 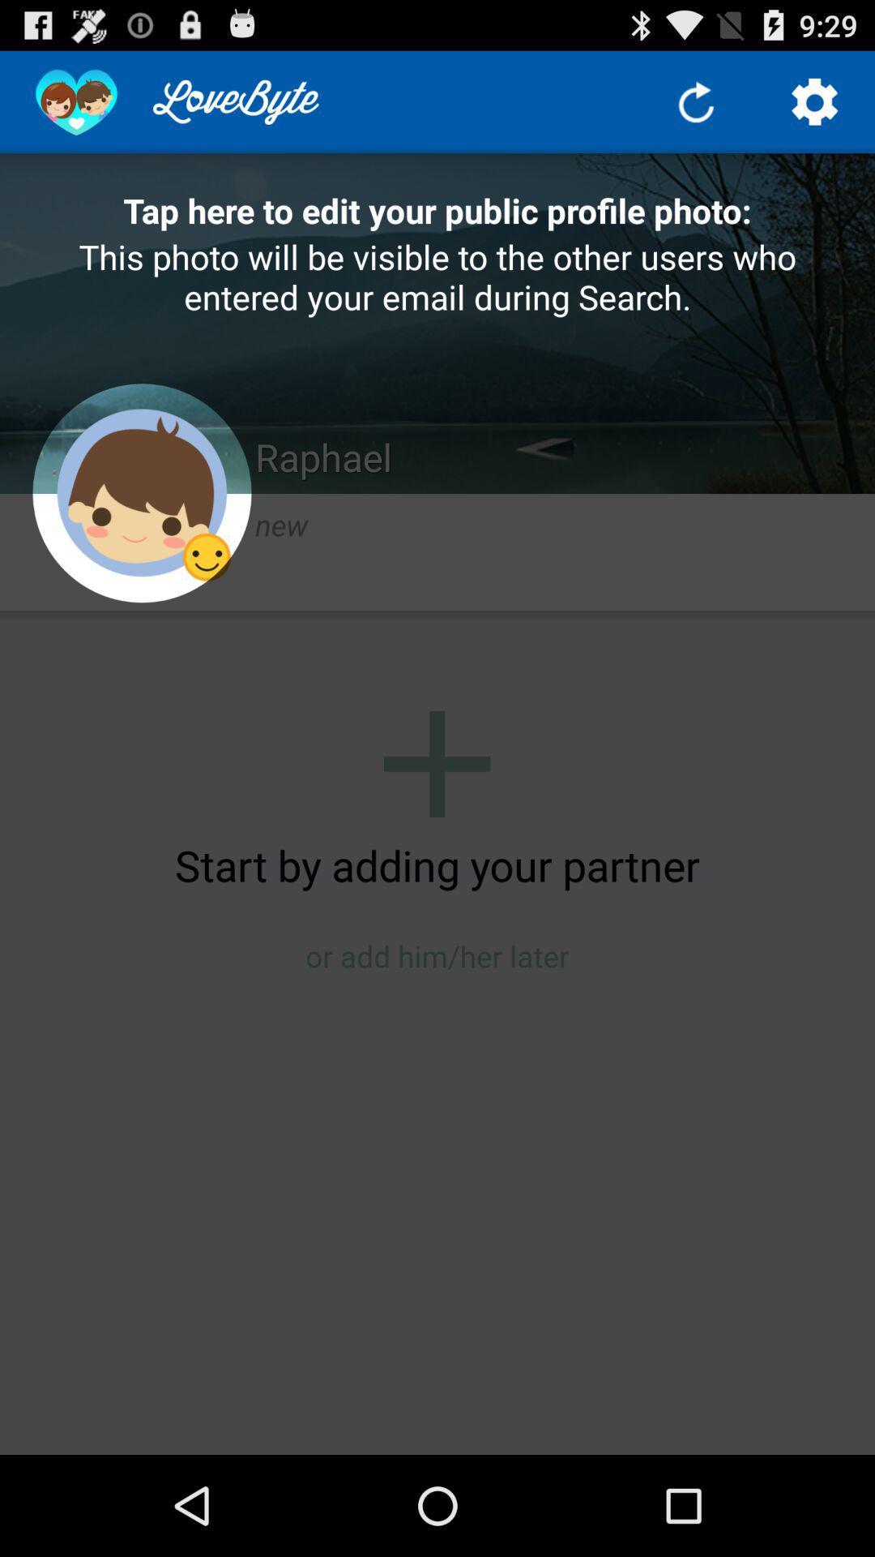 I want to click on refresh page, so click(x=695, y=101).